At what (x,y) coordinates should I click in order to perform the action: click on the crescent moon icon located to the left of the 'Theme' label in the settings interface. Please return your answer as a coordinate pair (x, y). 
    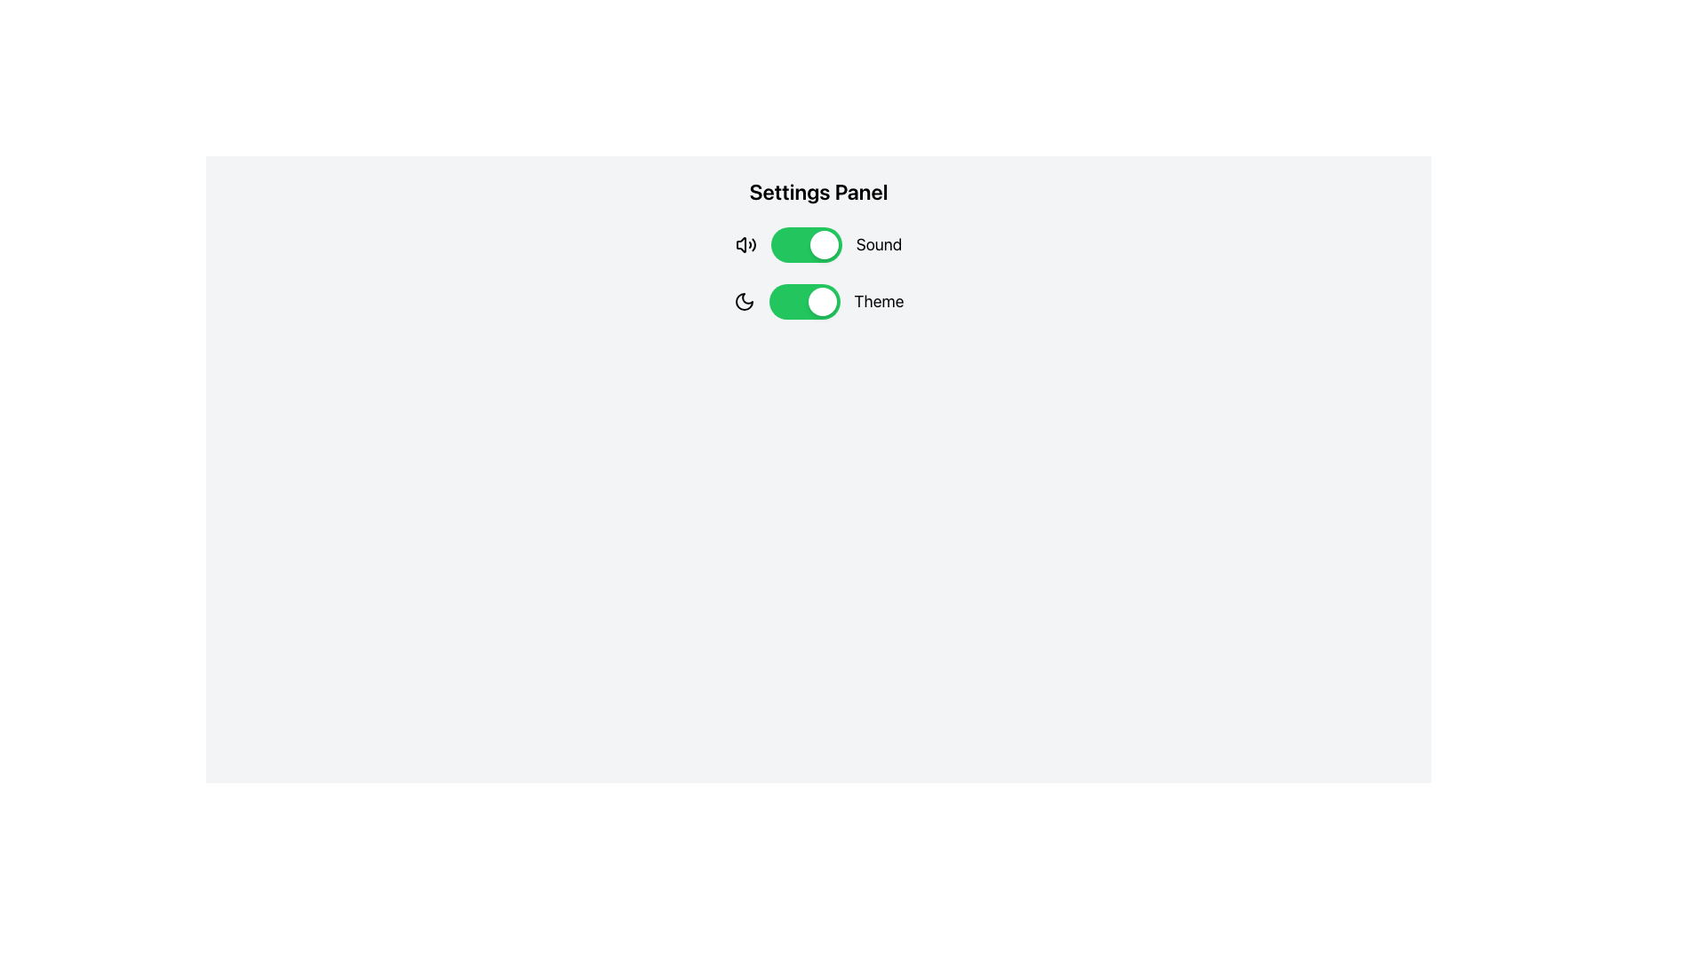
    Looking at the image, I should click on (744, 300).